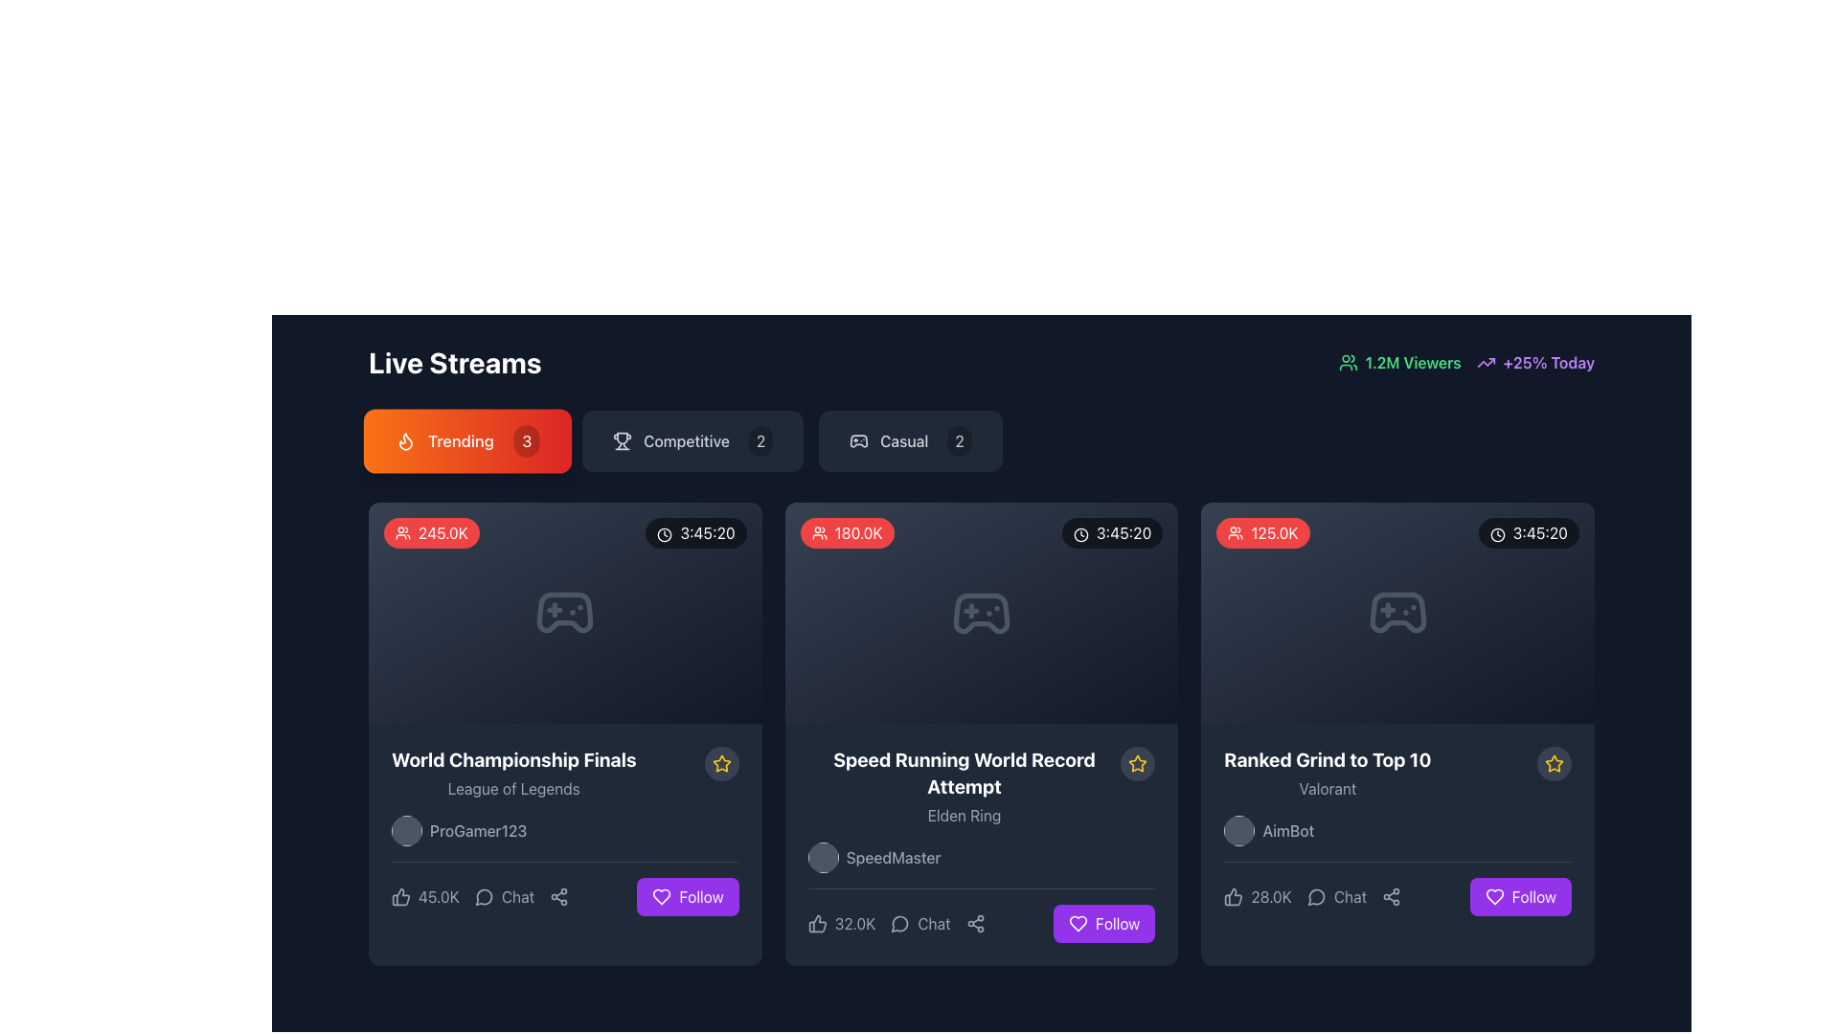 The image size is (1839, 1034). I want to click on the text display showing '32.0K', which is located in the lower section of the card for 'Speed Running World Record Attempt', positioned between the thumbs-up icon and the chat icon, so click(853, 922).